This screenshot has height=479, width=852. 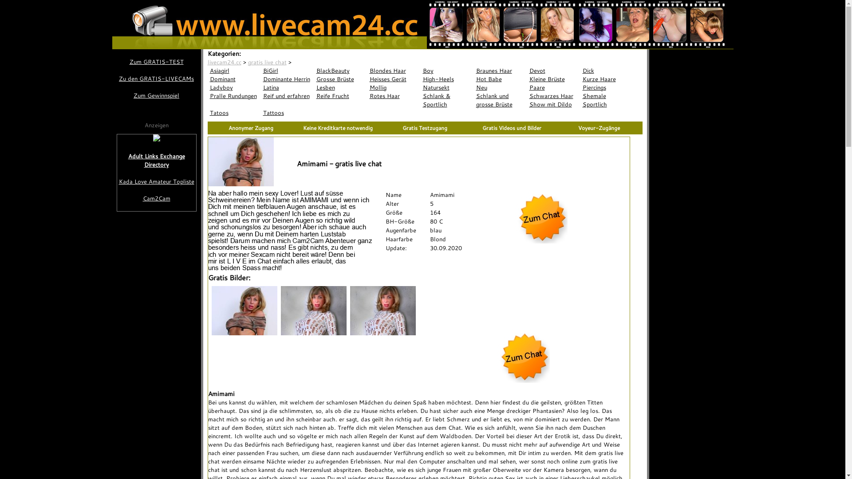 I want to click on 'BiGirl', so click(x=288, y=70).